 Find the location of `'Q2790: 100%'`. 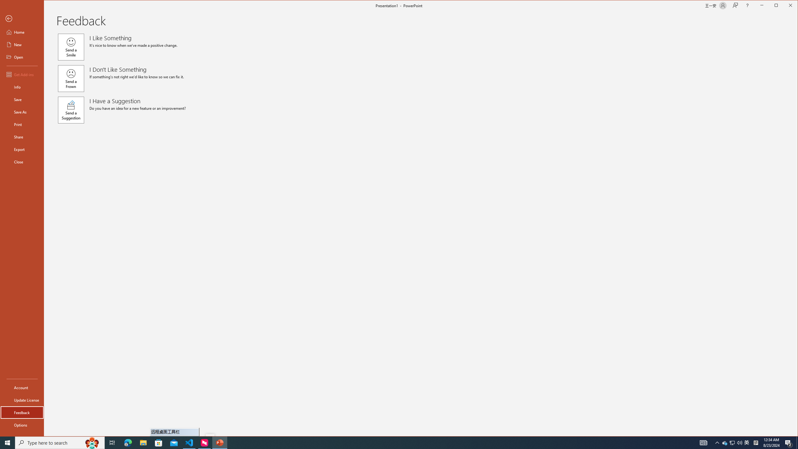

'Q2790: 100%' is located at coordinates (739, 442).